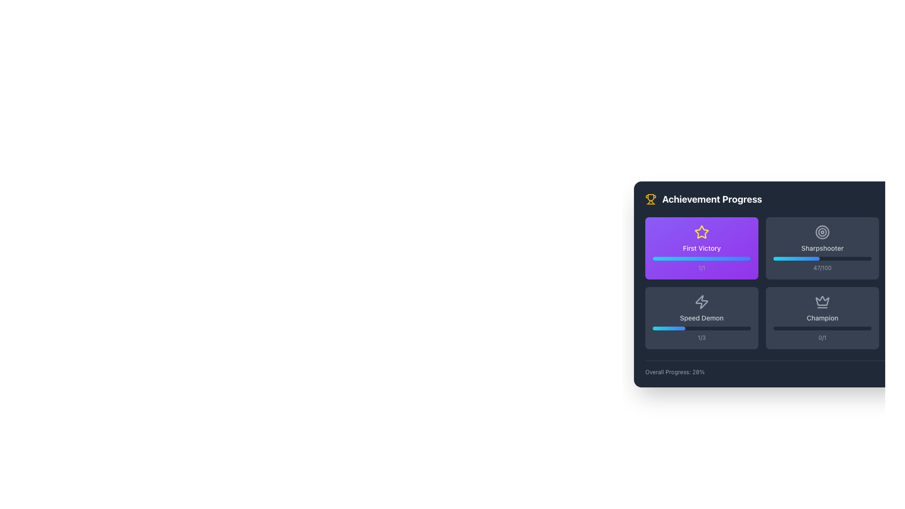  I want to click on the horizontal progress bar in the 'Sharpshooter' achievement section, which has a dark gray background and a gradient blue-to-cyan overlay indicating progress, so click(822, 258).